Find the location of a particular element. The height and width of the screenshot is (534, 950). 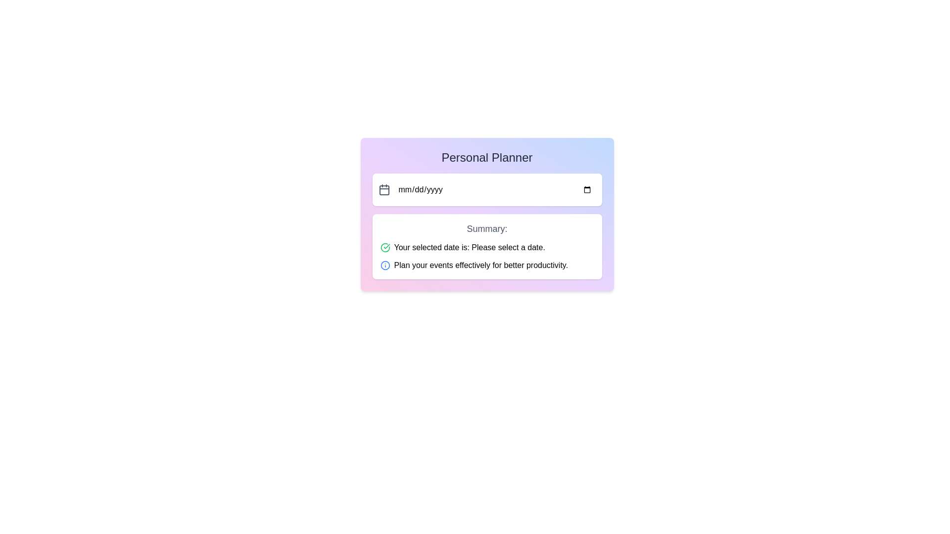

the small blue information icon, which is an outlined circle with an 'i' inside, located to the left of the text 'Plan your events effectively for better productivity.' is located at coordinates (384, 265).